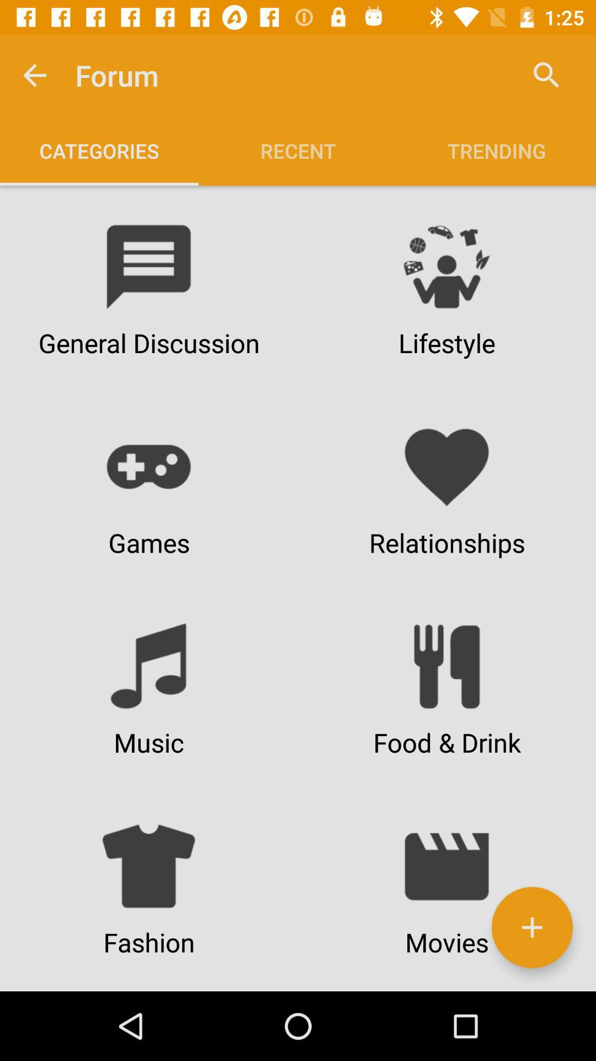  Describe the element at coordinates (531, 927) in the screenshot. I see `more` at that location.